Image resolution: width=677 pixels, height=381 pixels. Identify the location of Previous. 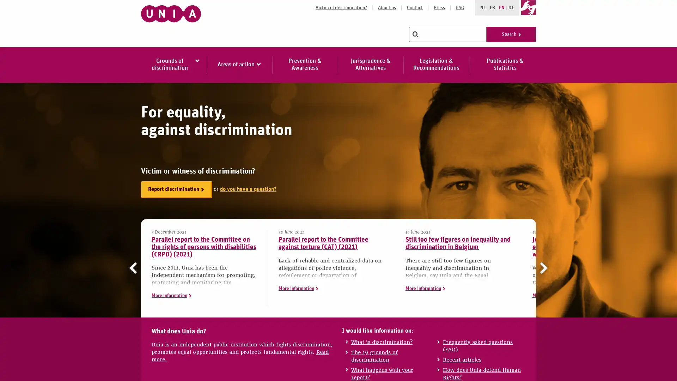
(135, 268).